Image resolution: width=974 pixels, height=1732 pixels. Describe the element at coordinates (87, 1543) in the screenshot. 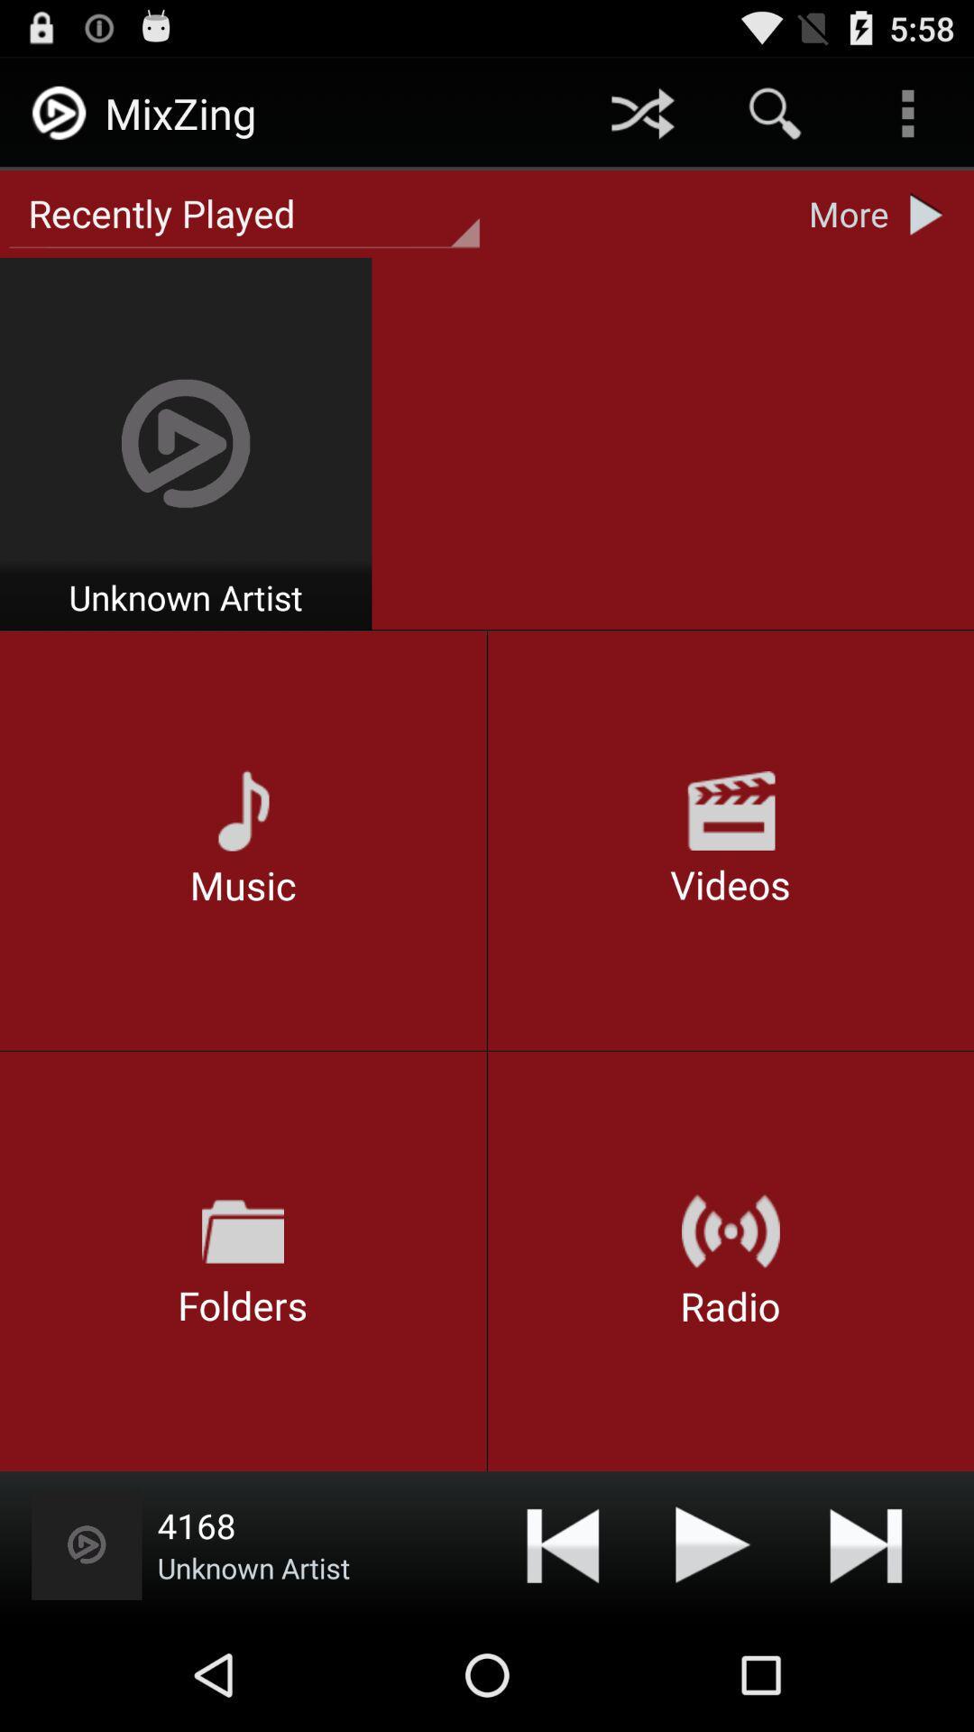

I see `album artwork cover` at that location.